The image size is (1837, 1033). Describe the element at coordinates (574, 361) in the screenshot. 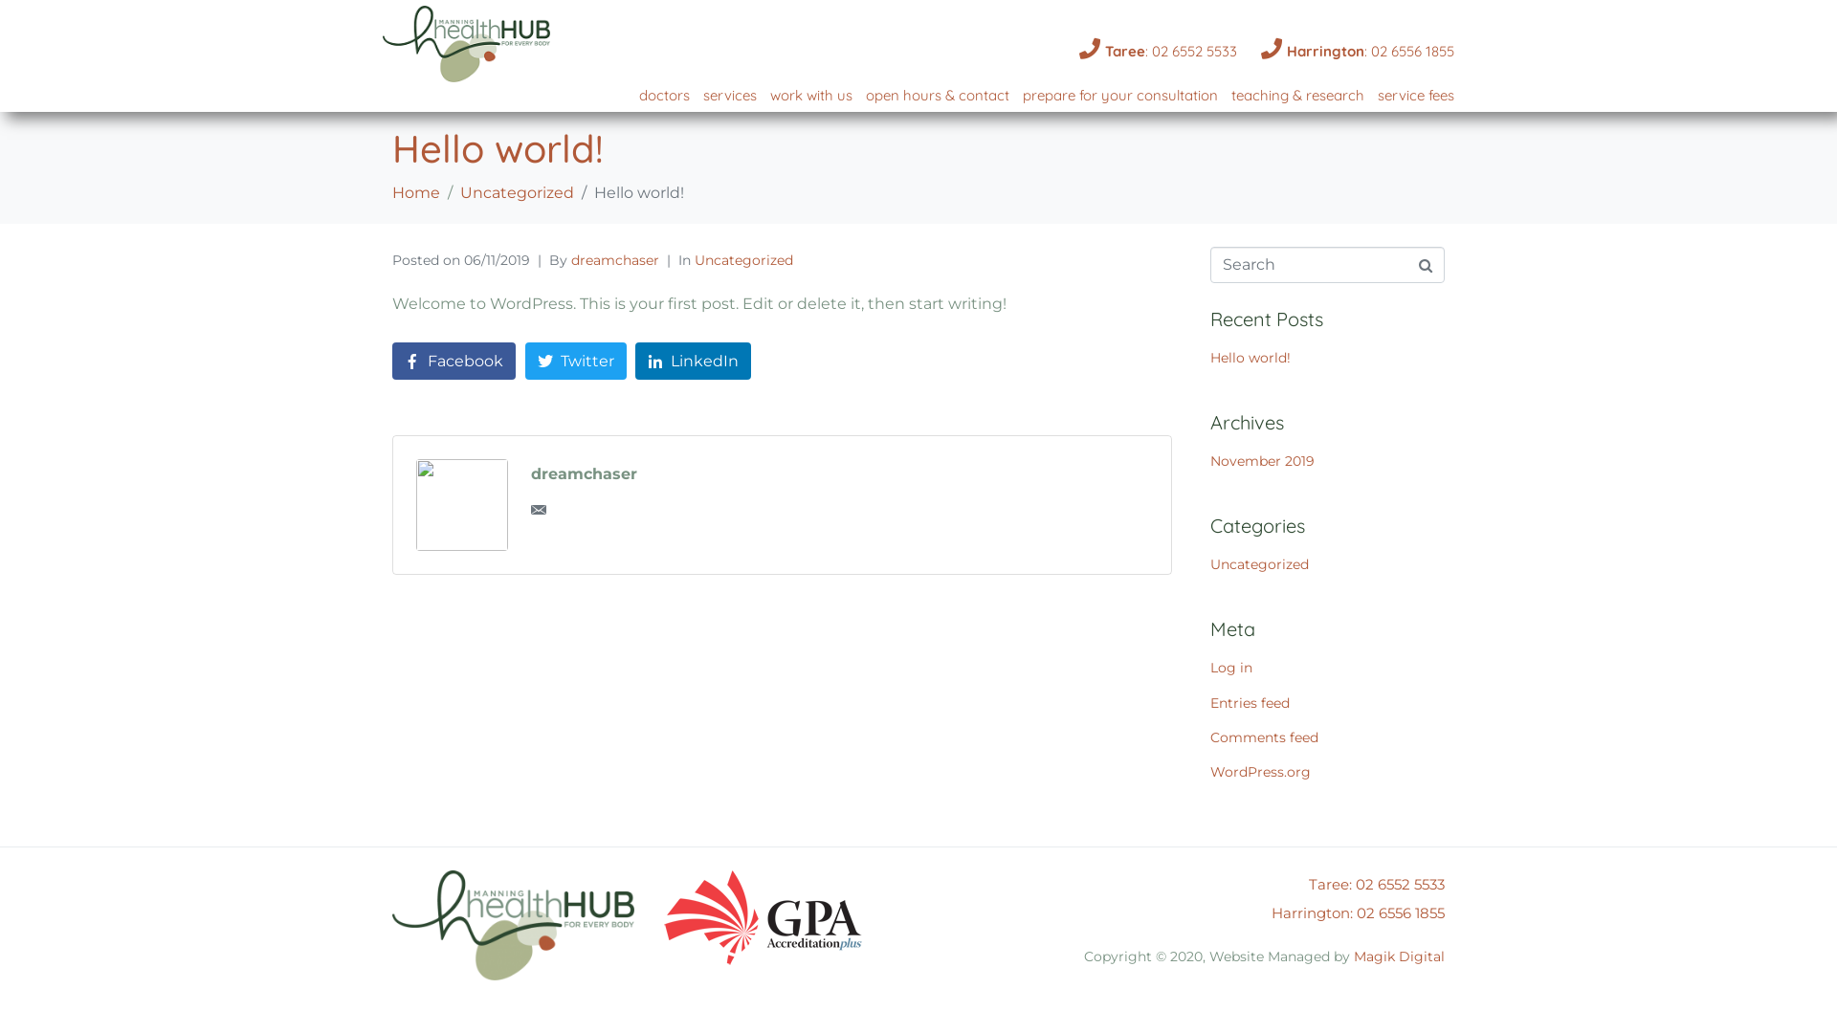

I see `'Twitter'` at that location.